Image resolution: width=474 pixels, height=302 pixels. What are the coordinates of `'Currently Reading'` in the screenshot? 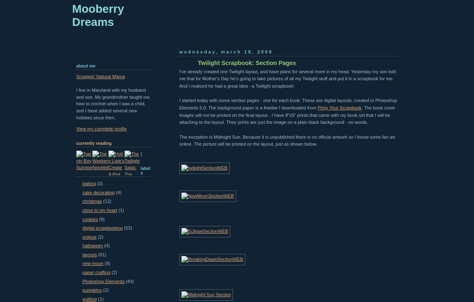 It's located at (93, 143).